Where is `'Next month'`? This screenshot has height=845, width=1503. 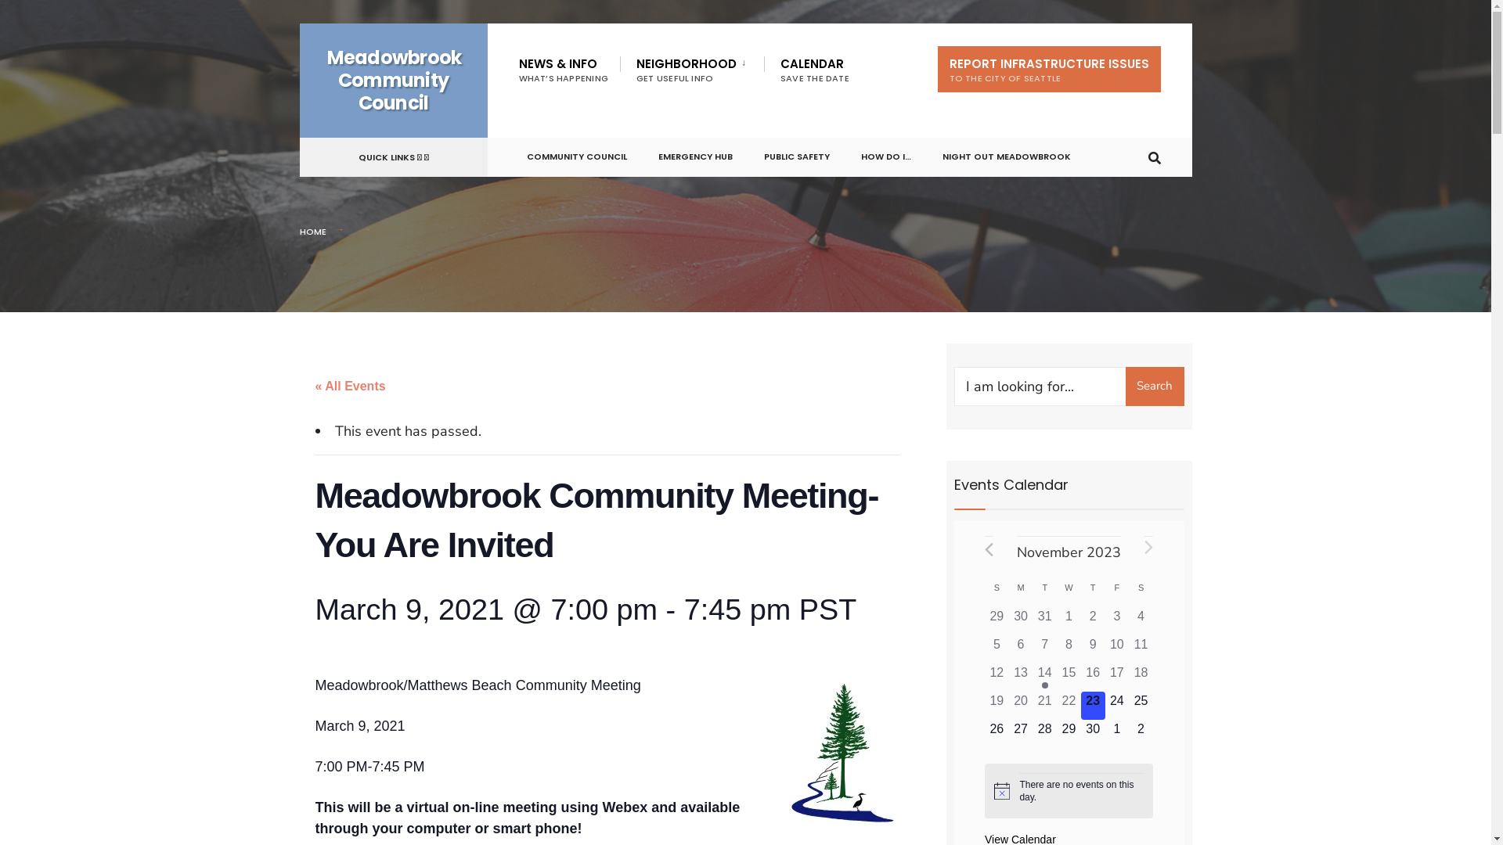 'Next month' is located at coordinates (1144, 548).